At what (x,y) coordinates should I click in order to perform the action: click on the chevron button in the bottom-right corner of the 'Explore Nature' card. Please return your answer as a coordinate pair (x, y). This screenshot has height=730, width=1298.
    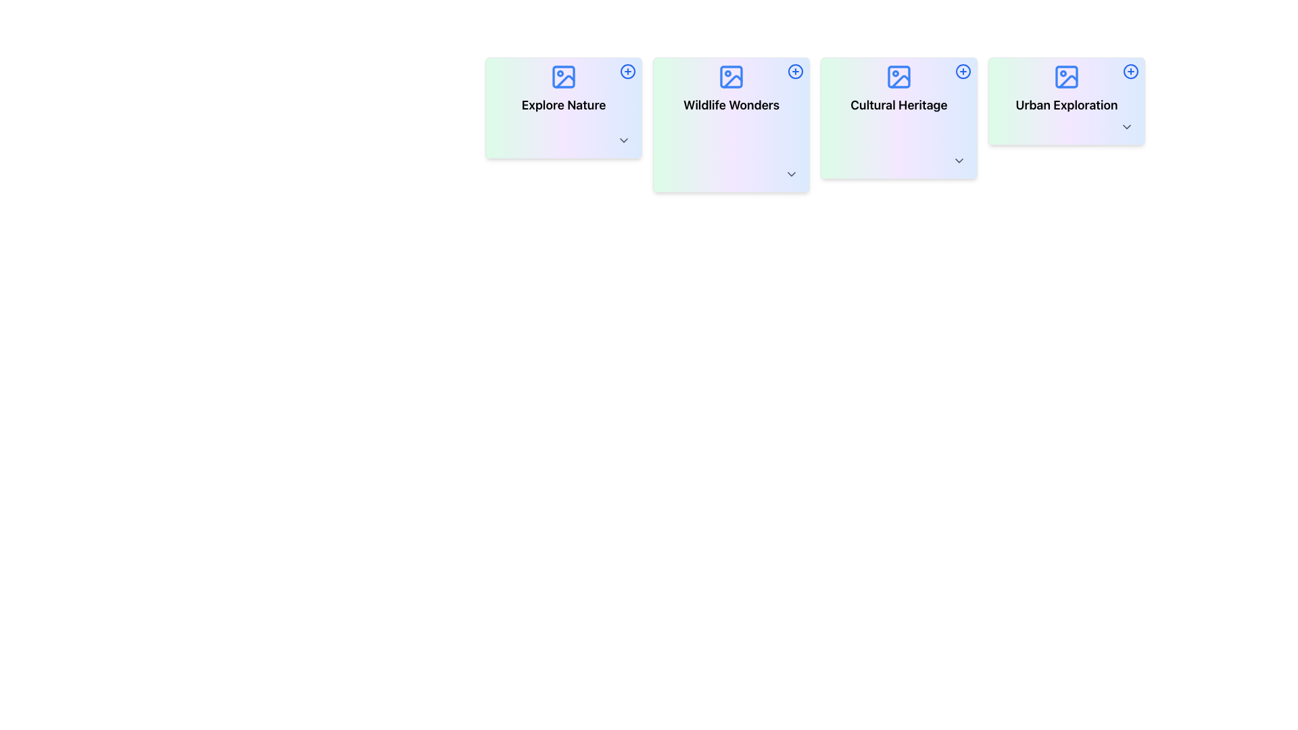
    Looking at the image, I should click on (623, 141).